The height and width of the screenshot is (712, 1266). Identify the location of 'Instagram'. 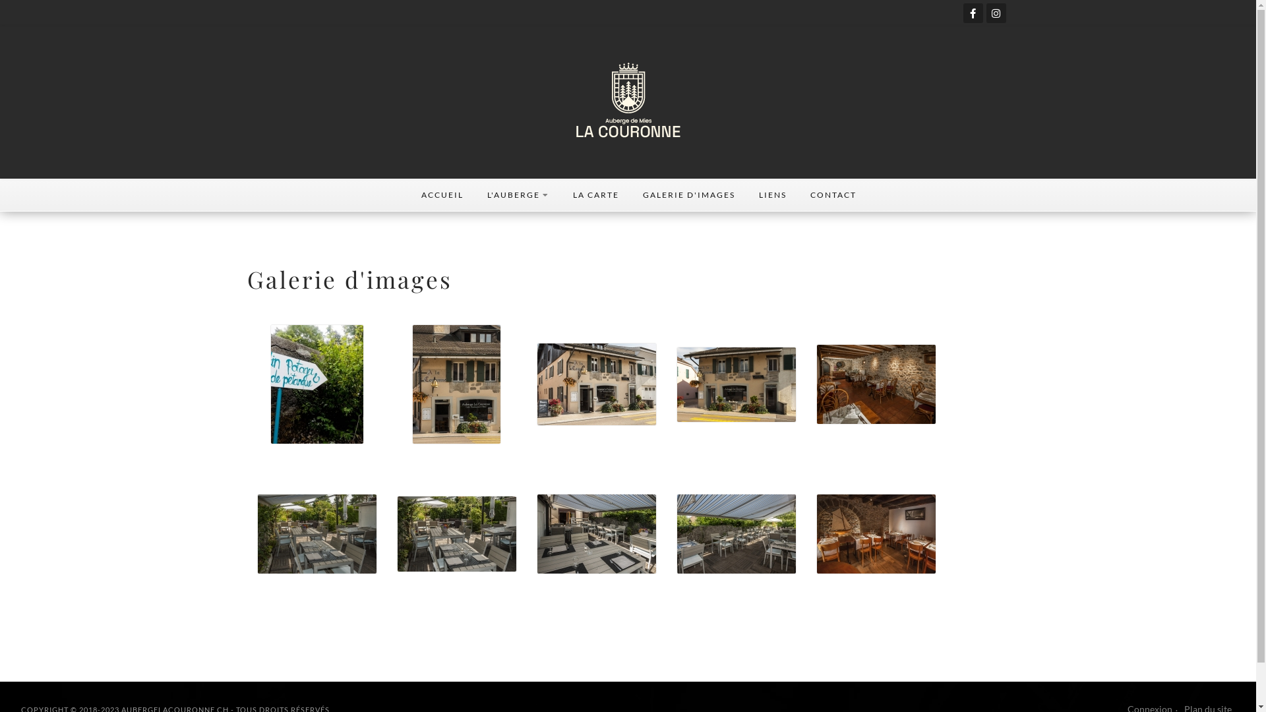
(996, 13).